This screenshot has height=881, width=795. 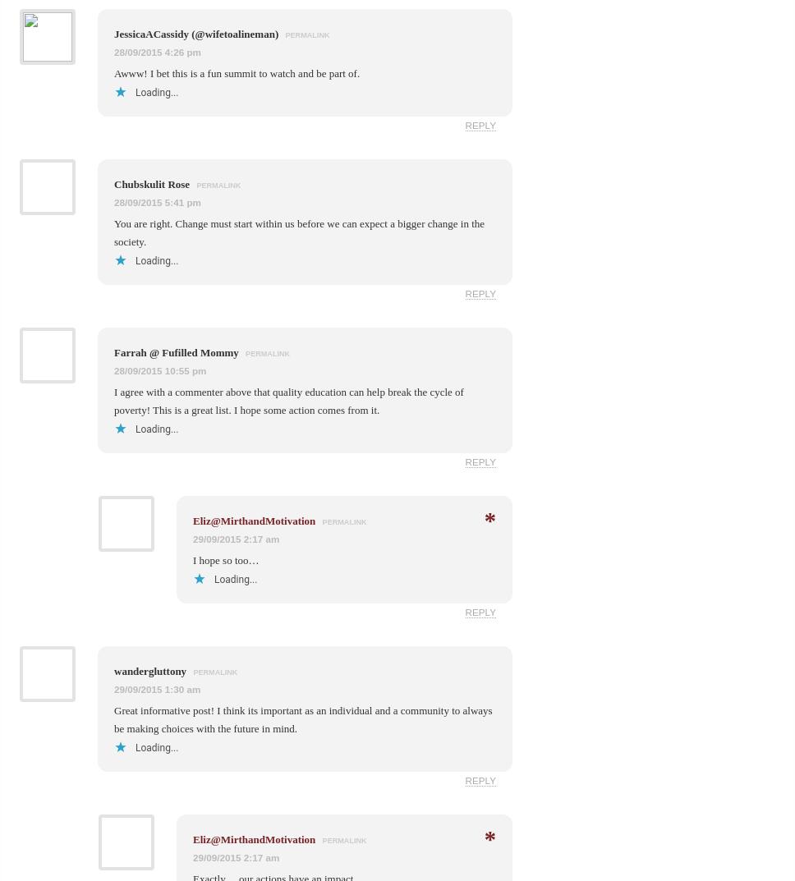 I want to click on 'Chubskulit Rose', so click(x=153, y=183).